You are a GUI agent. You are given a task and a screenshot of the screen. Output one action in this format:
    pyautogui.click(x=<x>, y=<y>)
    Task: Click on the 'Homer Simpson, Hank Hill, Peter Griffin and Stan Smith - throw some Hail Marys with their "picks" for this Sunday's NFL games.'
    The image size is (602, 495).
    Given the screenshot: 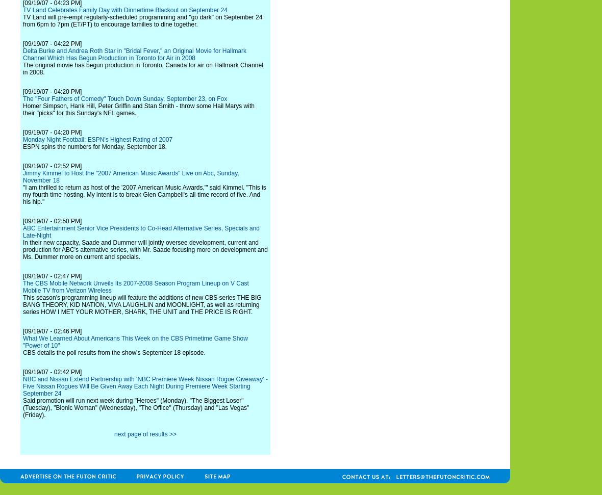 What is the action you would take?
    pyautogui.click(x=138, y=109)
    